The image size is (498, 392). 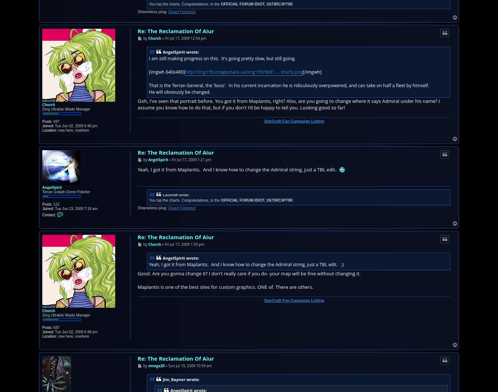 I want to click on 'He will obviously be changed.', so click(x=179, y=92).